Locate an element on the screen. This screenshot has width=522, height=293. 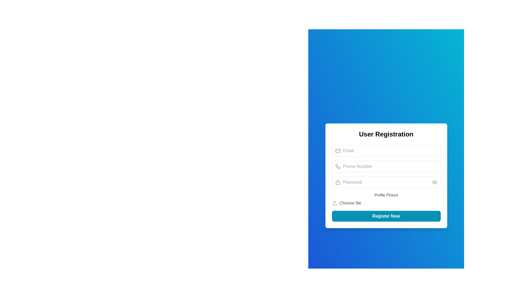
the rectangular body part of the lock icon, which visually represents security and is located to the left of the Password input field in the registration form is located at coordinates (337, 183).